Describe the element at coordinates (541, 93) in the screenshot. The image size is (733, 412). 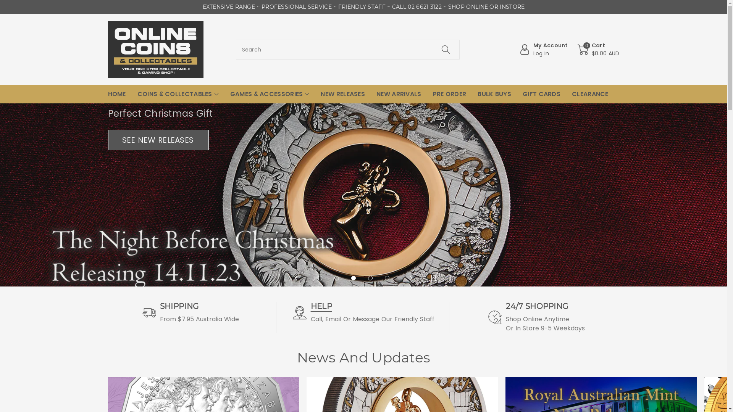
I see `'GIFT CARDS'` at that location.